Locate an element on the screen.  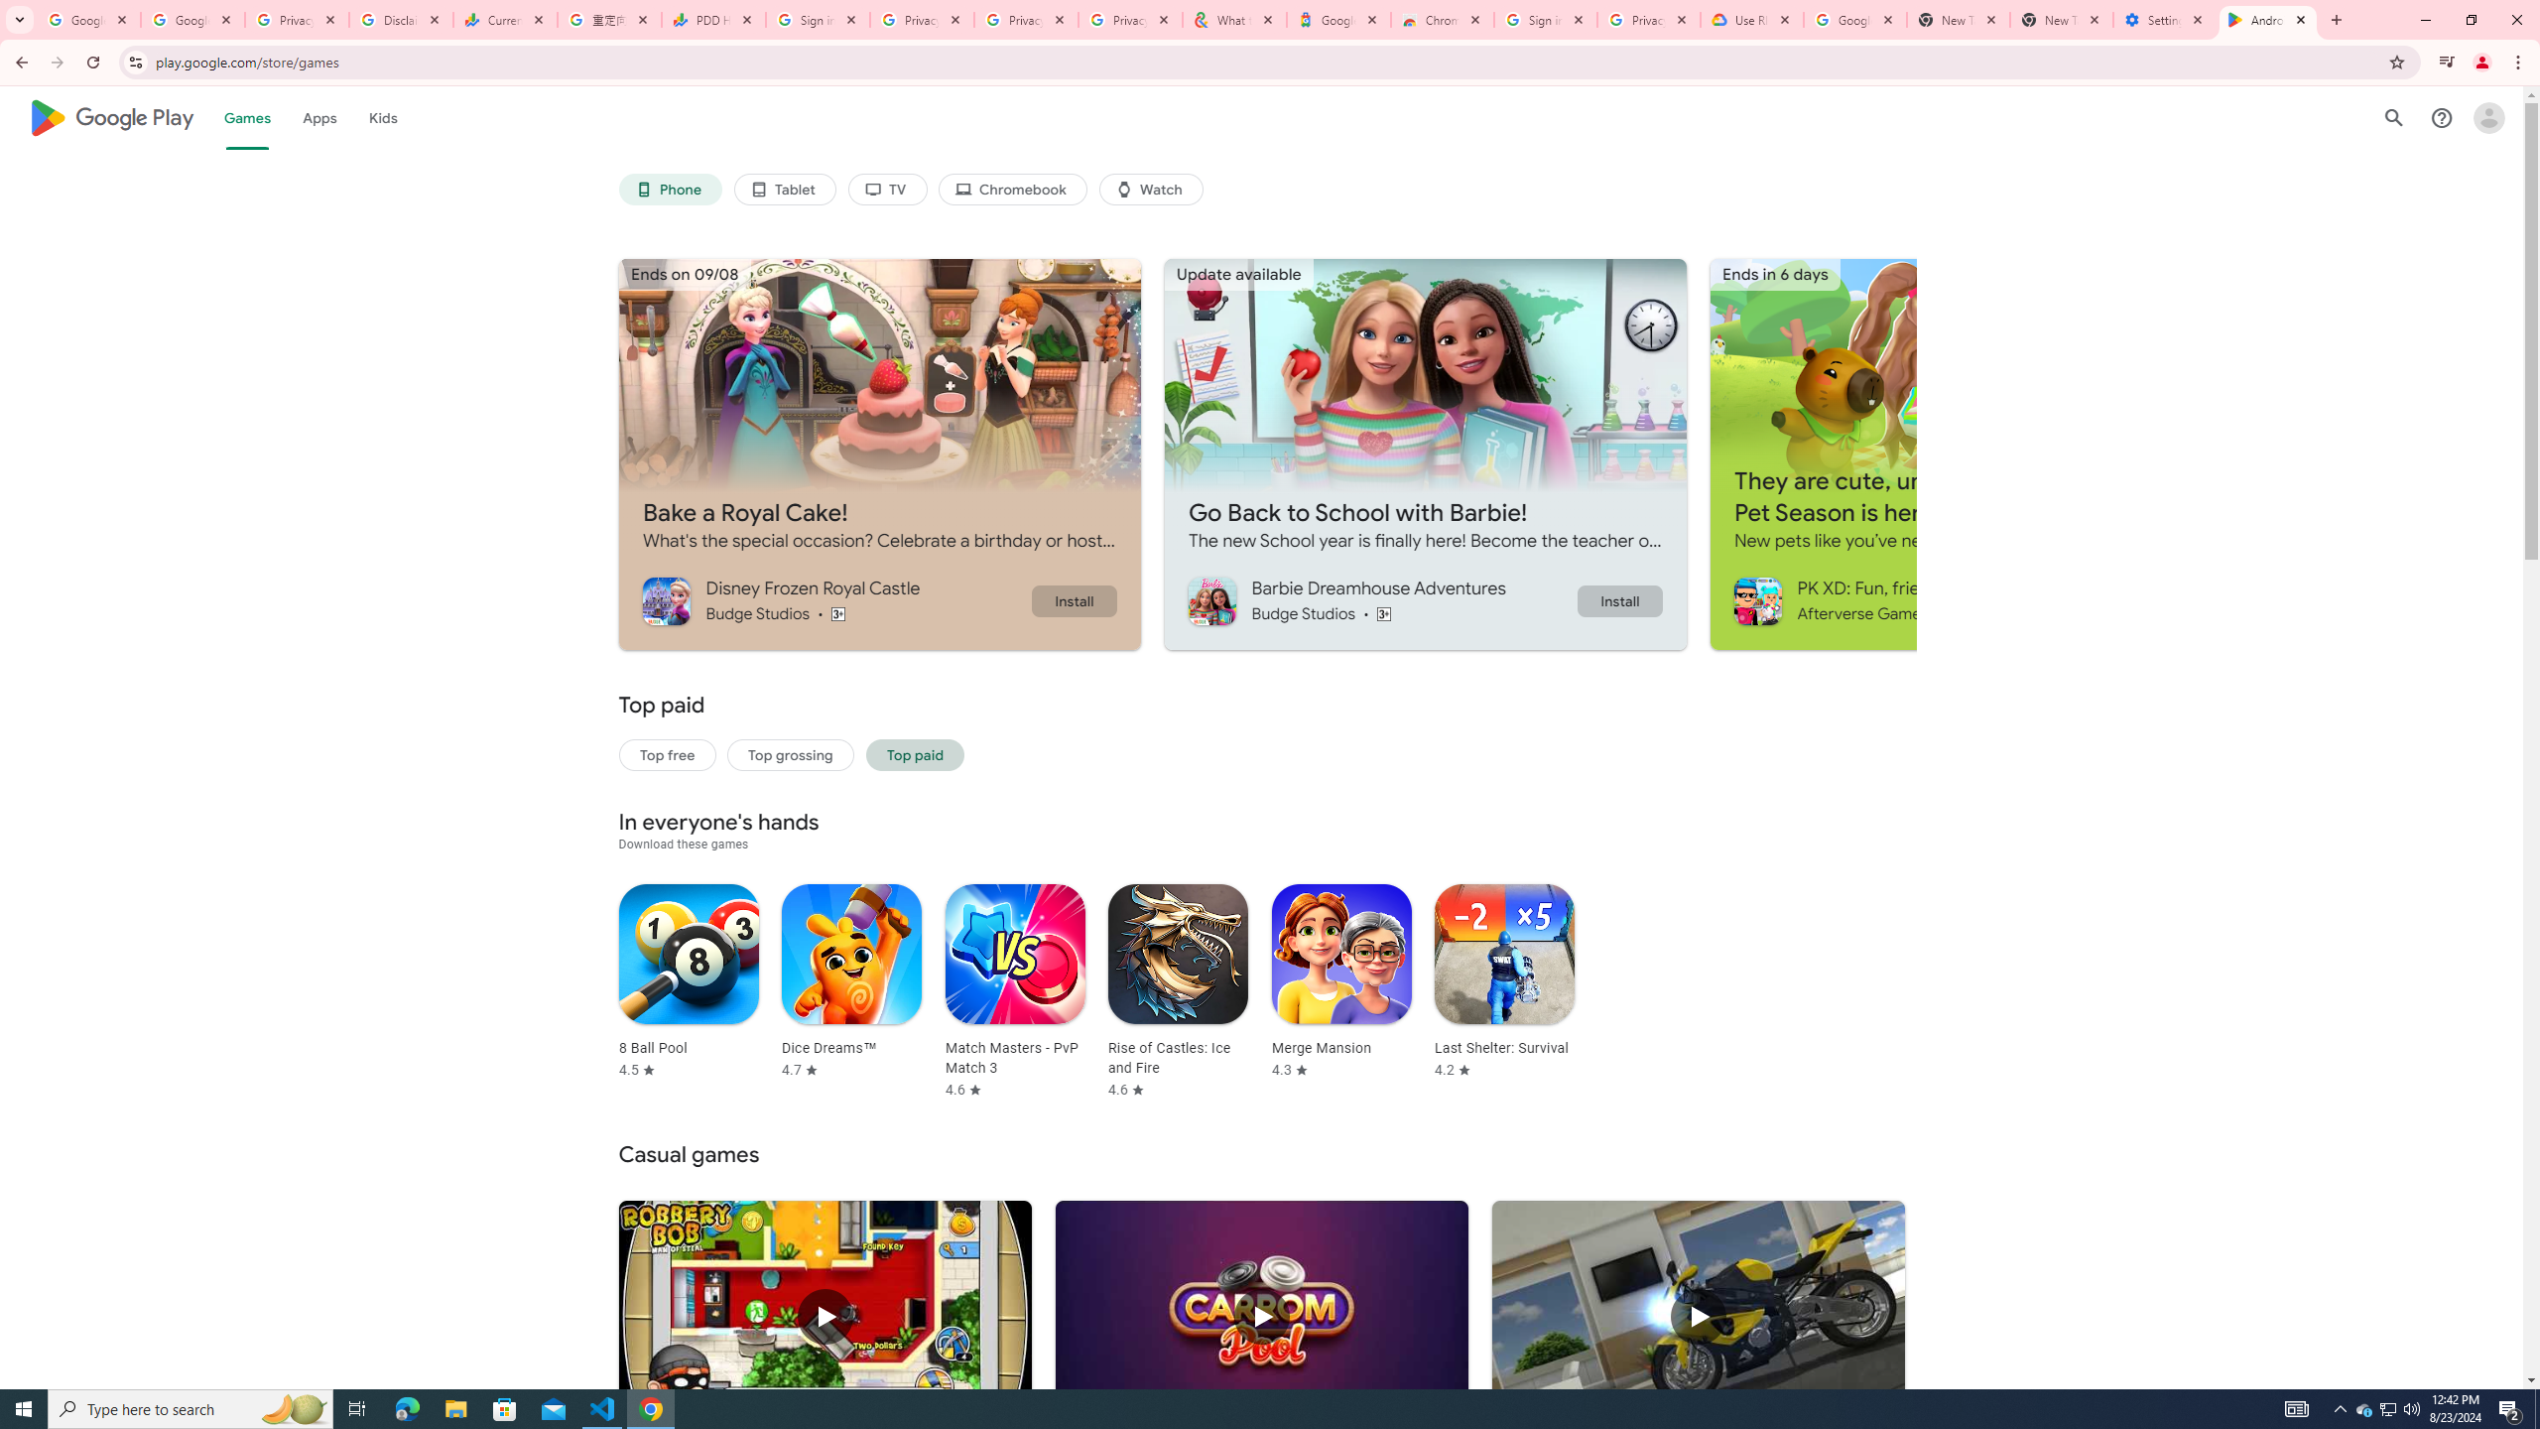
'Last Shelter: Survival Rated 4.2 stars out of five stars' is located at coordinates (1504, 980).